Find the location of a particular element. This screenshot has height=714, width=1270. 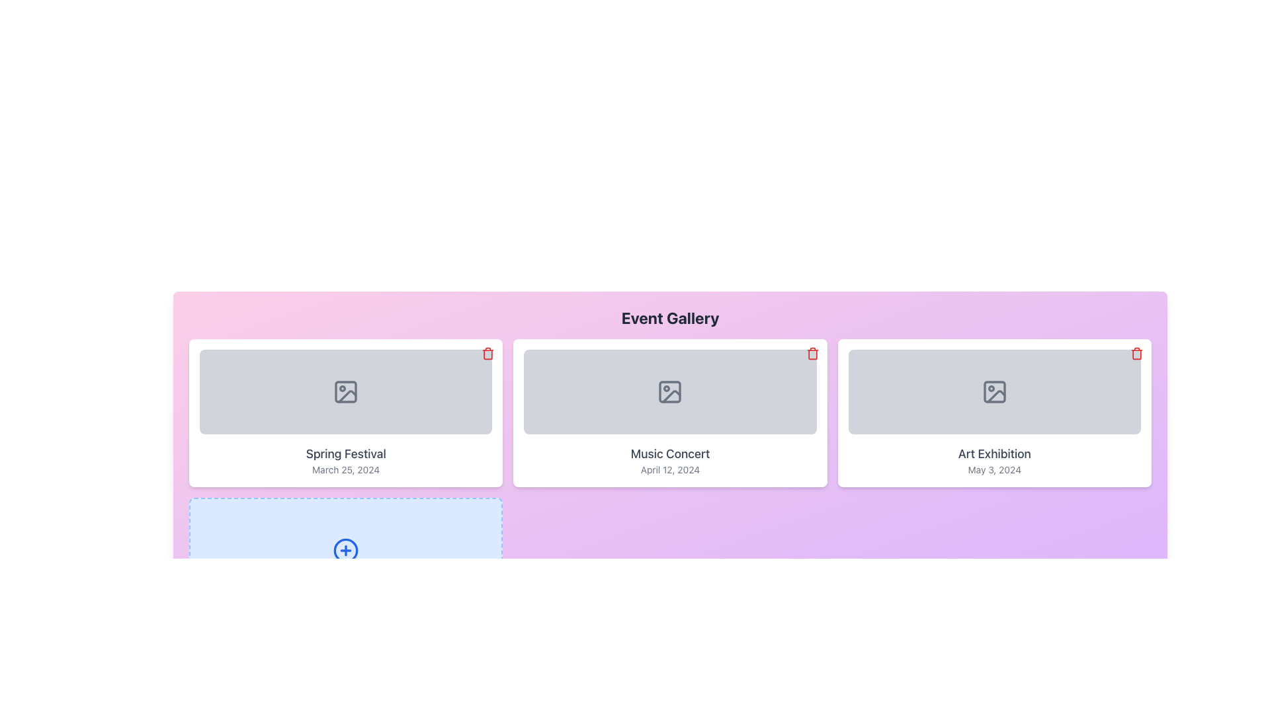

the static text indicating the scheduled date of the 'Music Concert' event, which is located beneath the main title text 'Music Concert' within its card is located at coordinates (670, 469).